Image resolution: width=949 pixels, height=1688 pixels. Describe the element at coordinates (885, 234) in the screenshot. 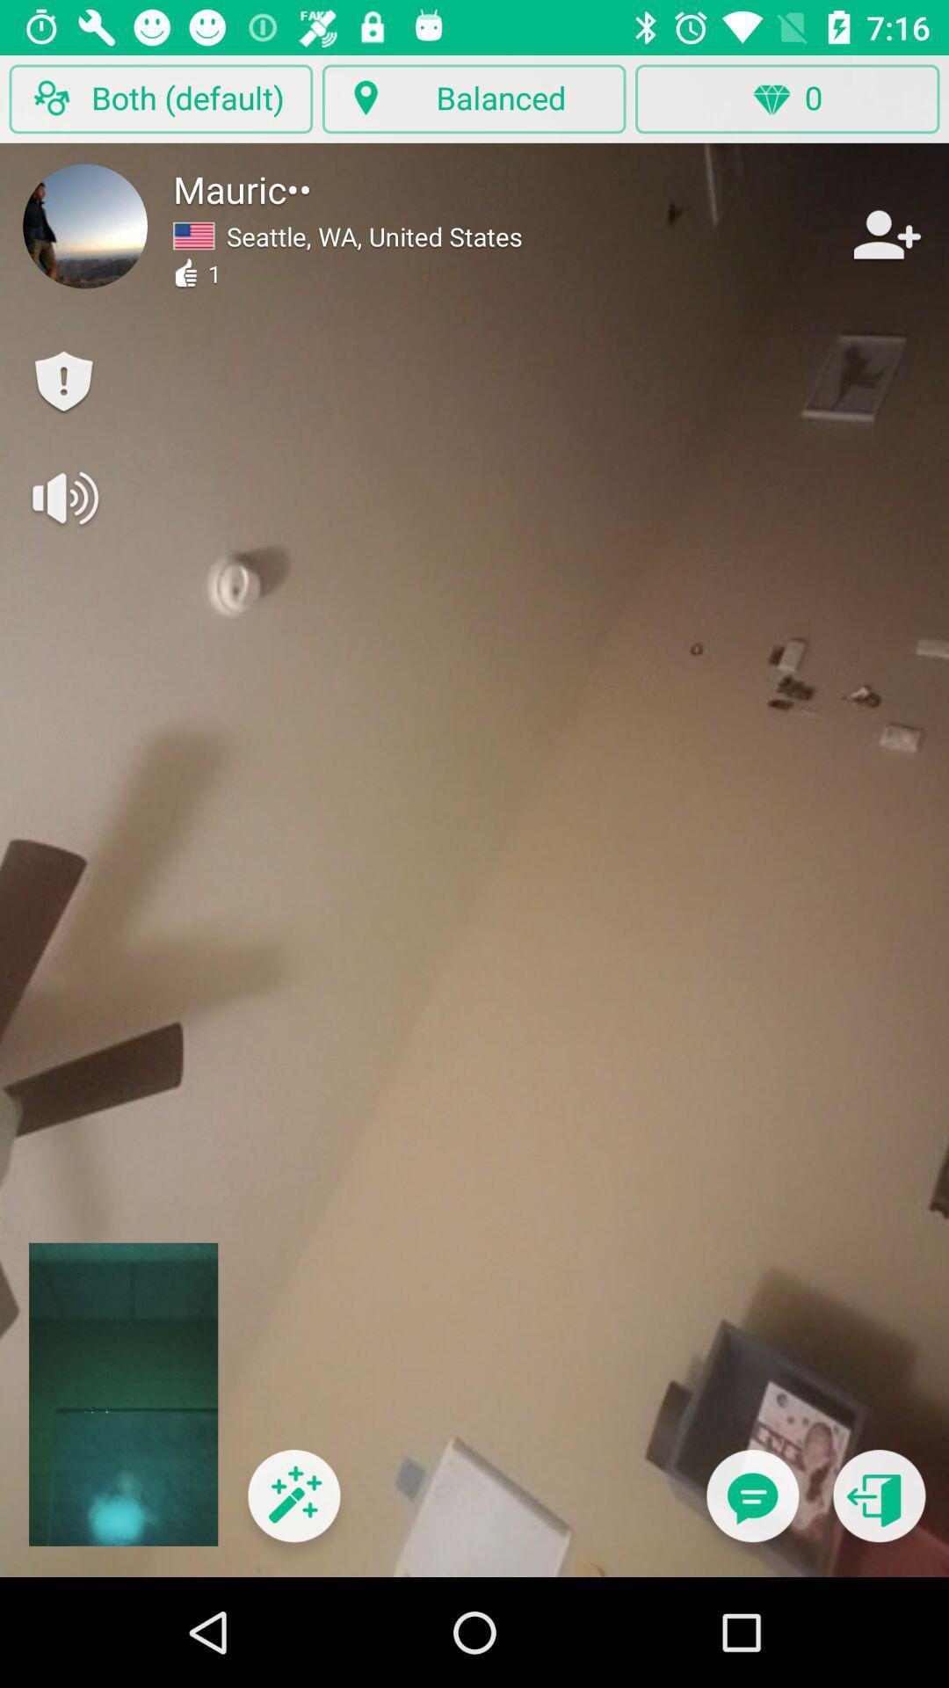

I see `additional viewer/attendee` at that location.